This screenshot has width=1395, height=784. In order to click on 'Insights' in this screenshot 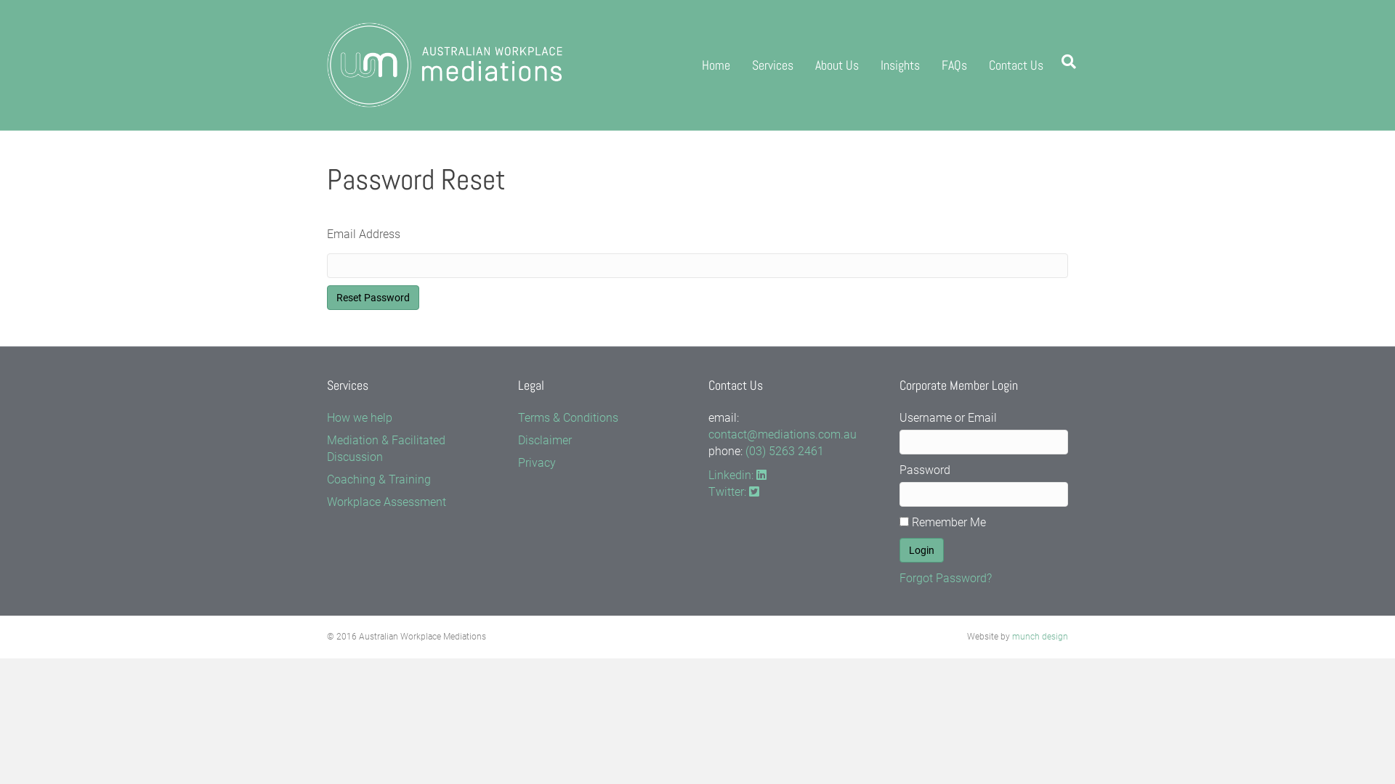, I will do `click(899, 64)`.